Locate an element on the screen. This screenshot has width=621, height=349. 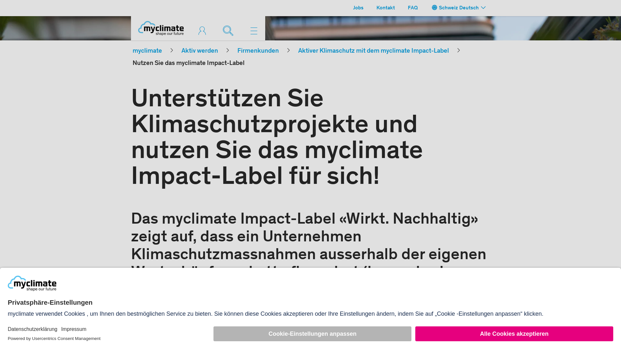
'Aktiver Klimaschutz mit dem myclimate Impact-Label' is located at coordinates (374, 51).